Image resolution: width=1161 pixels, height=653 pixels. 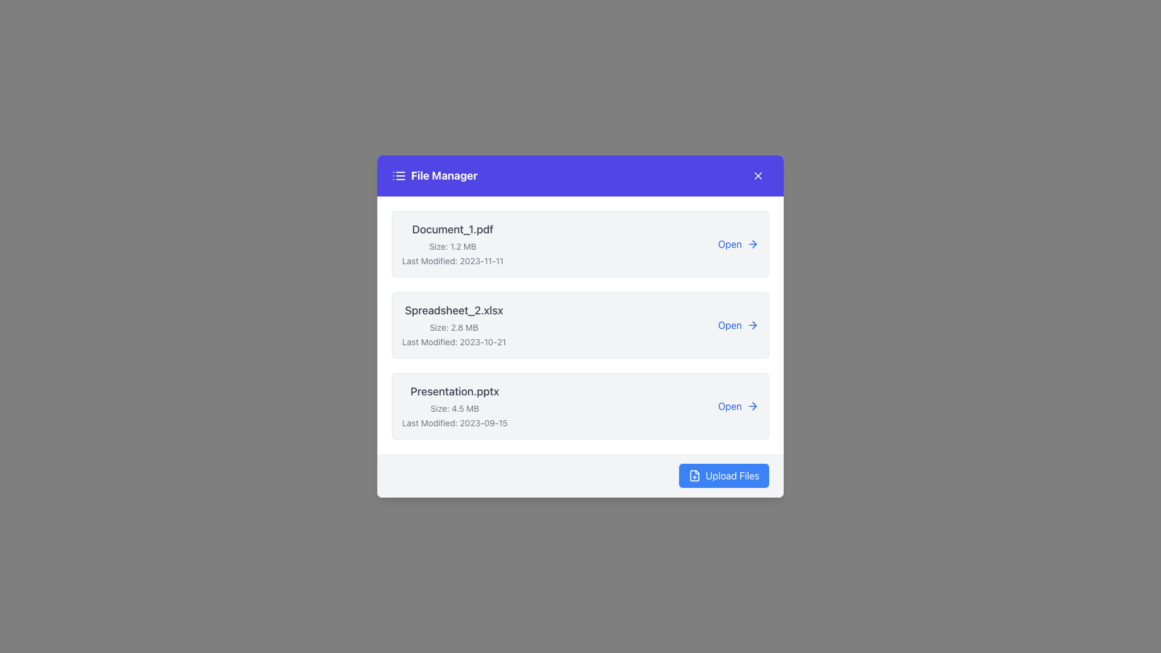 What do you see at coordinates (724, 475) in the screenshot?
I see `the 'Upload Files' blue button with rounded corners for keyboard navigation` at bounding box center [724, 475].